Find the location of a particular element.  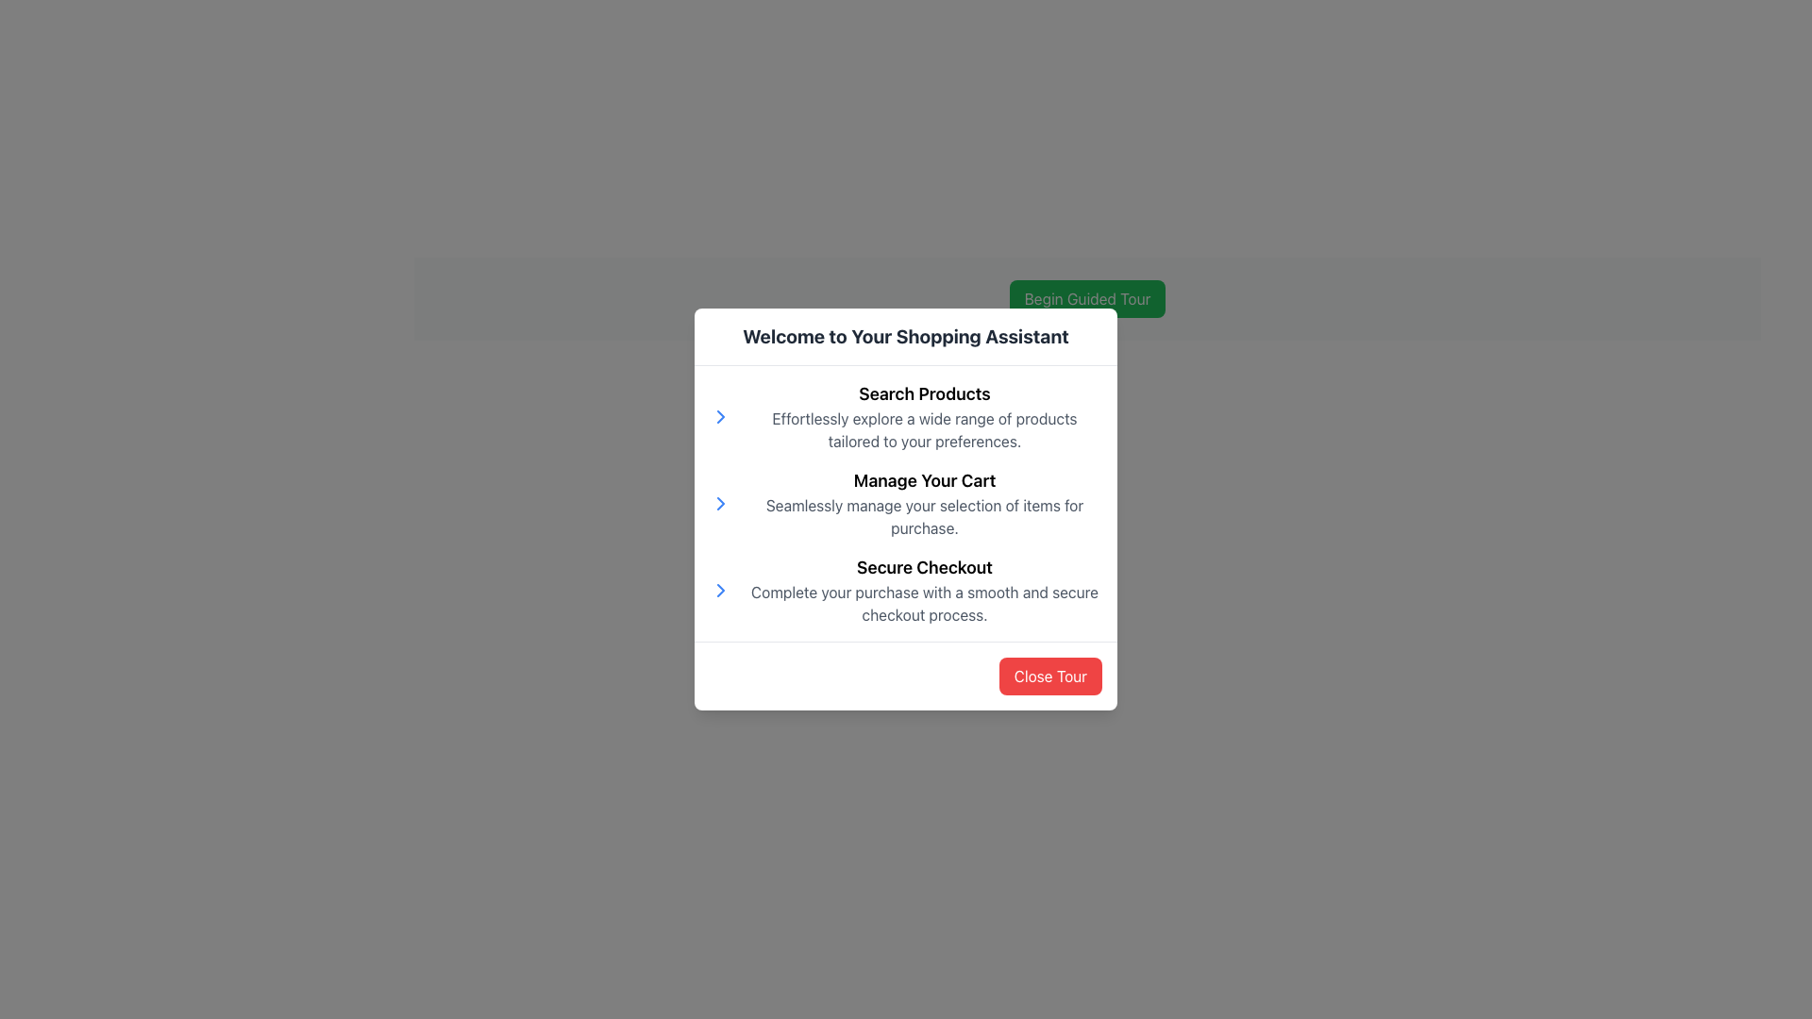

the static informational text block located inside the modal titled 'Welcome to Your Shopping Assistant', positioned above the 'Manage Your Cart' section with a blue chevron icon preceding it is located at coordinates (924, 416).